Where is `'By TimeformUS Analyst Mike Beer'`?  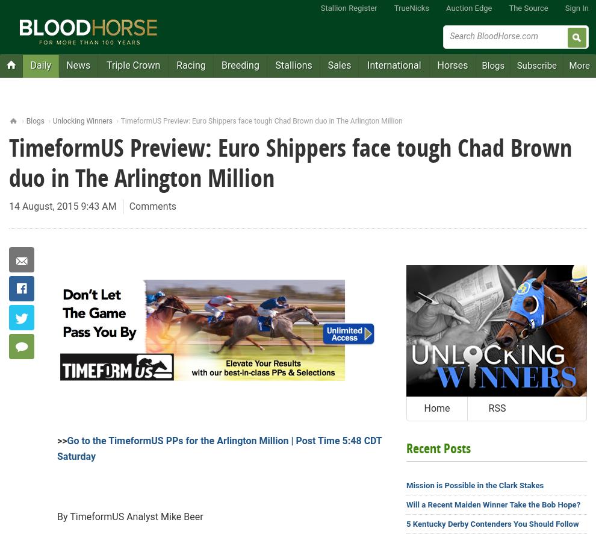
'By TimeformUS Analyst Mike Beer' is located at coordinates (129, 516).